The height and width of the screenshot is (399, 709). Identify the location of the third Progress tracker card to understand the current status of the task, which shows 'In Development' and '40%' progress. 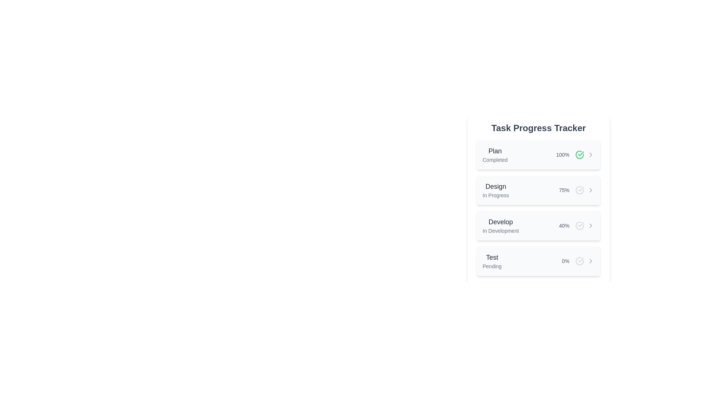
(538, 225).